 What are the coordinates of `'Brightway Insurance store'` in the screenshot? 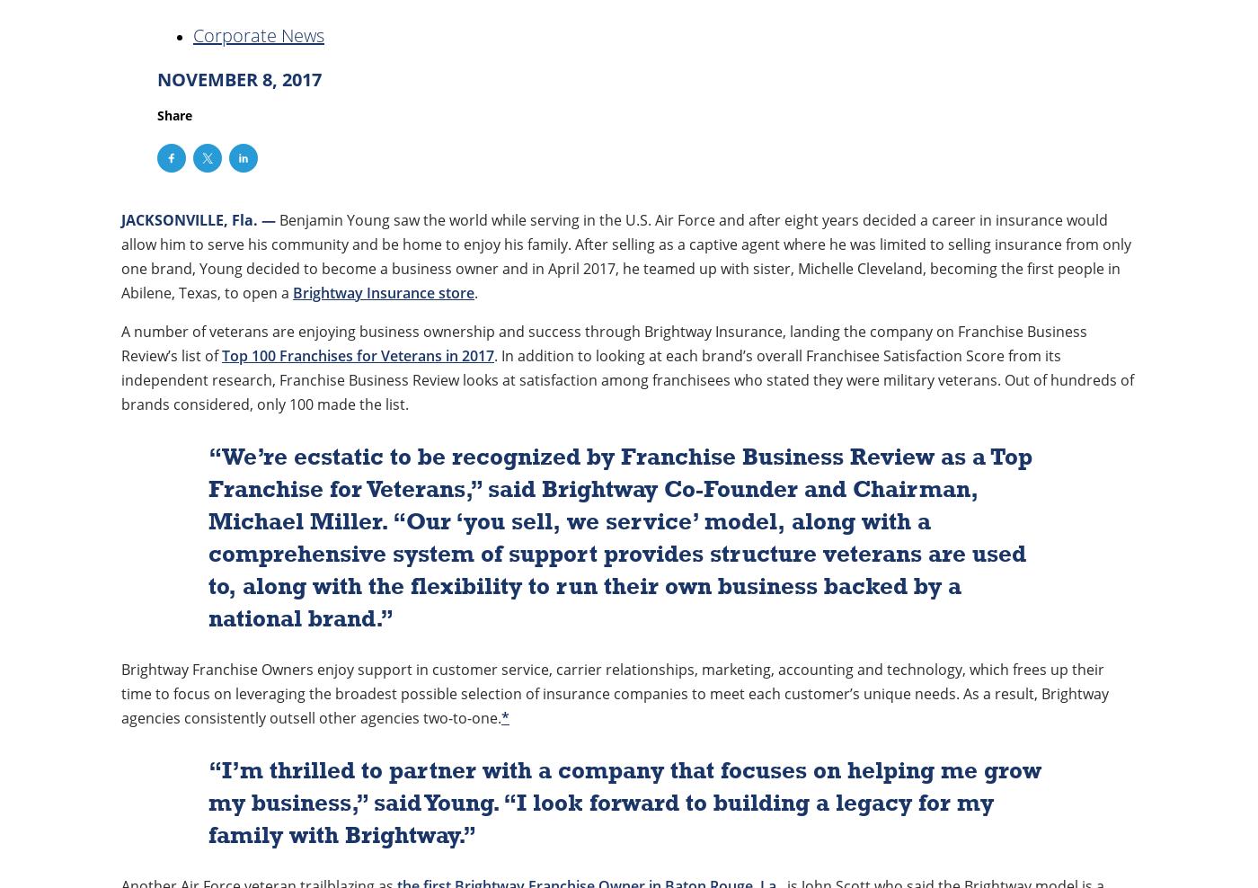 It's located at (384, 291).